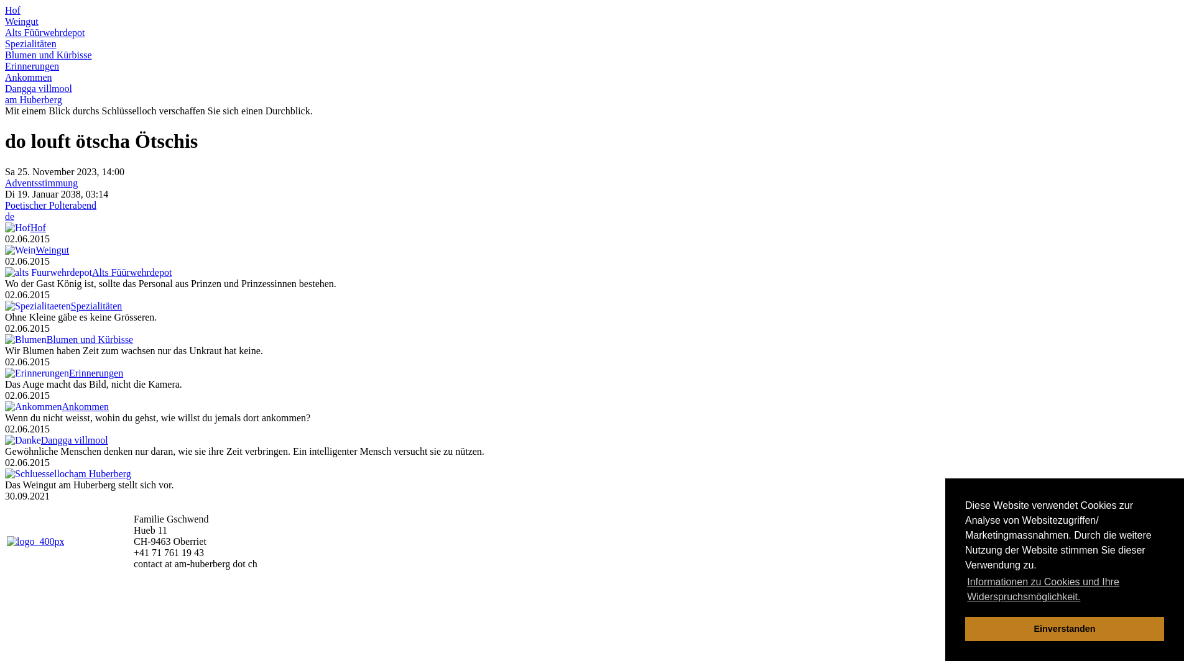  Describe the element at coordinates (5, 272) in the screenshot. I see `'alts Fuurwehrdepot'` at that location.